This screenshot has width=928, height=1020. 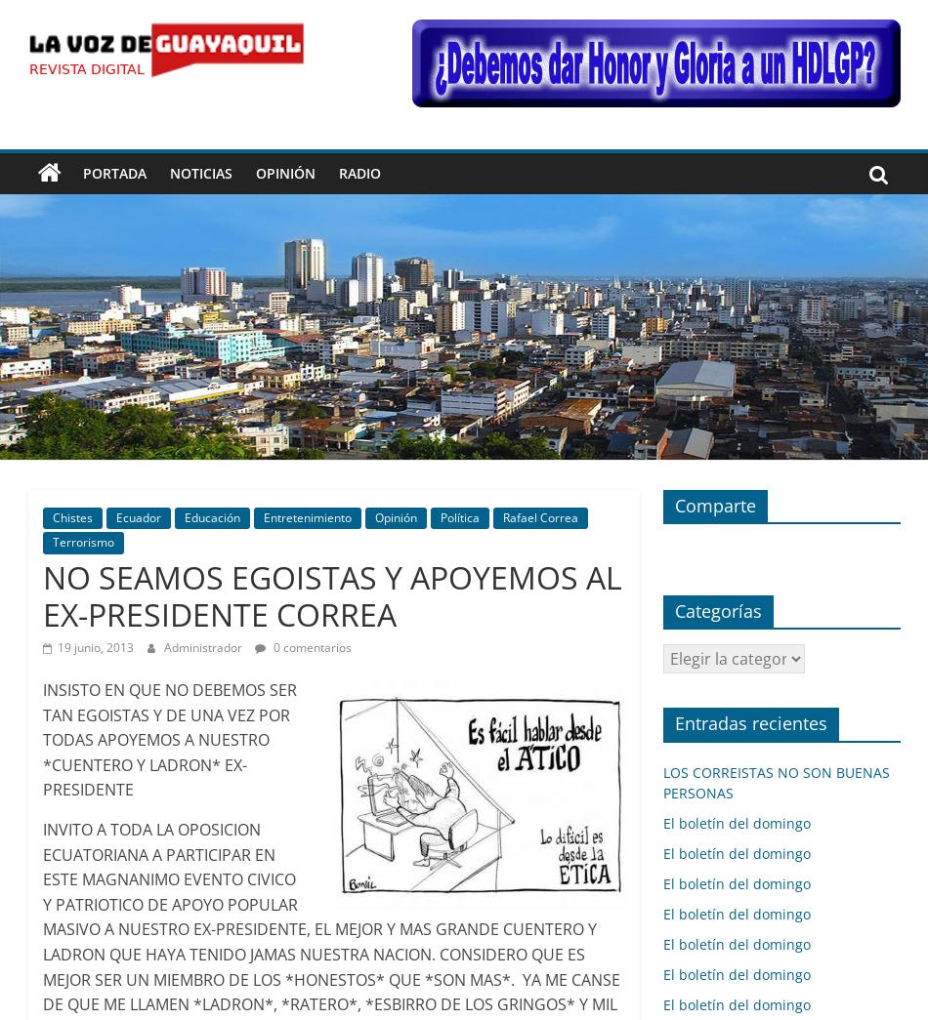 What do you see at coordinates (716, 609) in the screenshot?
I see `'Categorías'` at bounding box center [716, 609].